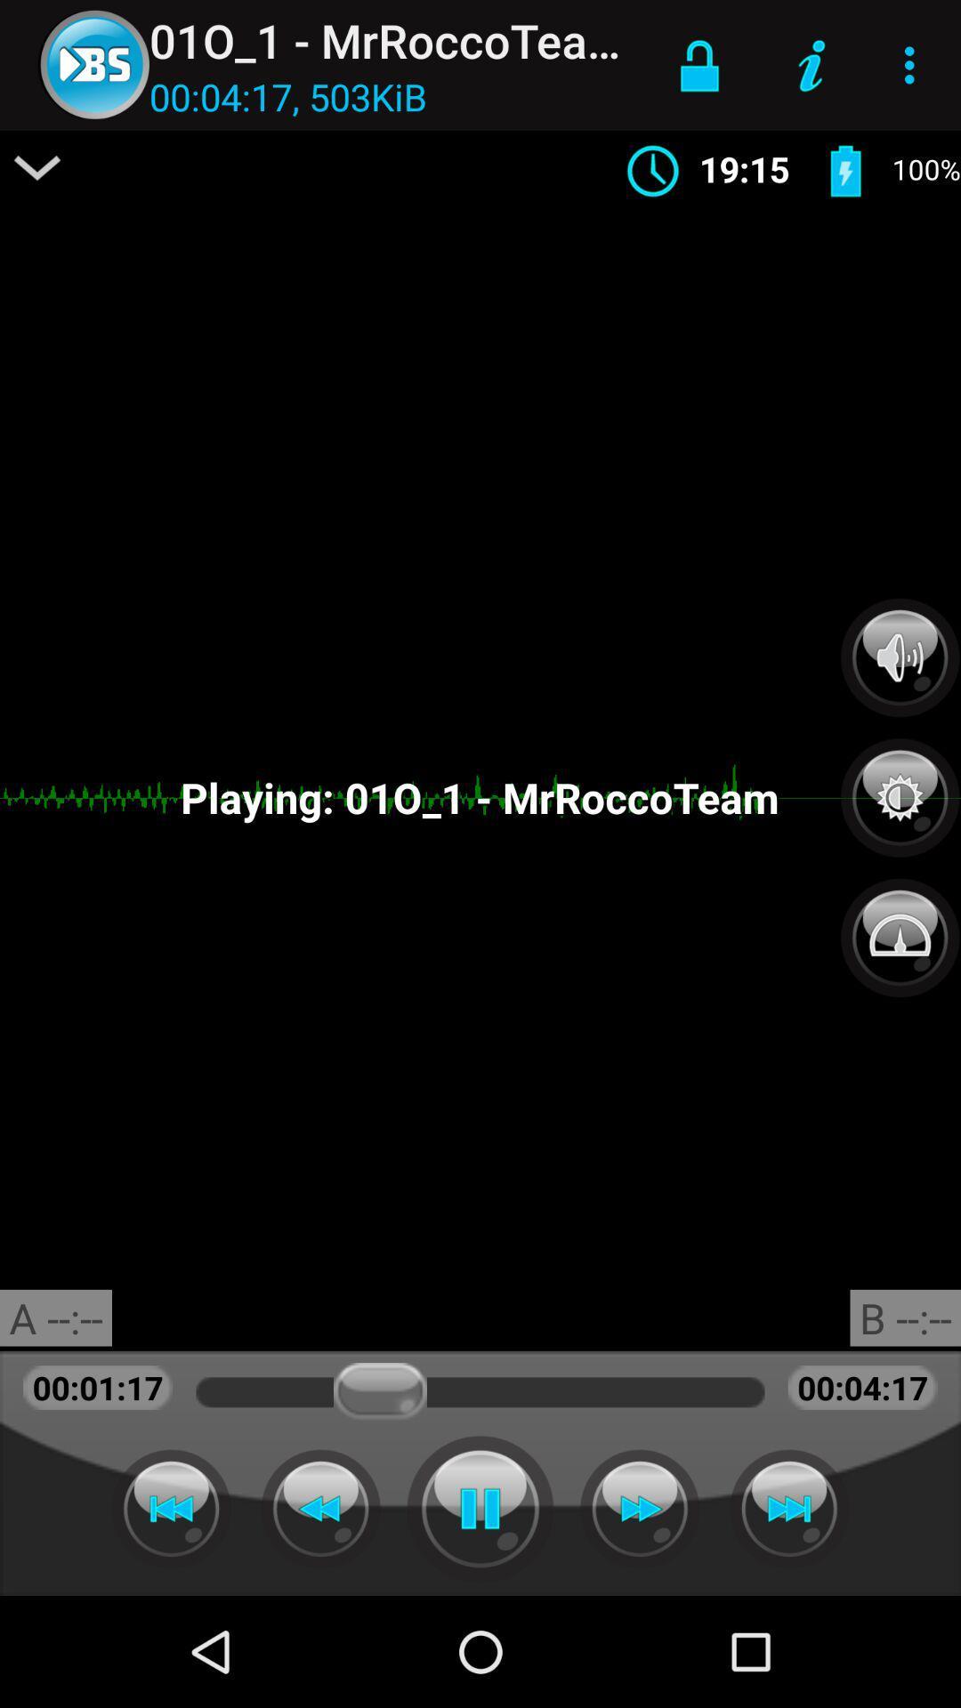  Describe the element at coordinates (37, 167) in the screenshot. I see `get more information` at that location.